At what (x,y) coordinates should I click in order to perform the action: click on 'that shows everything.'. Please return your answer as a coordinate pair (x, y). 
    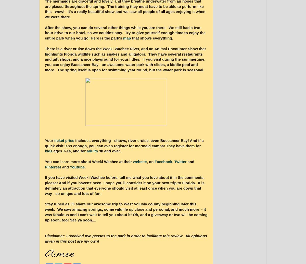
    Looking at the image, I should click on (131, 38).